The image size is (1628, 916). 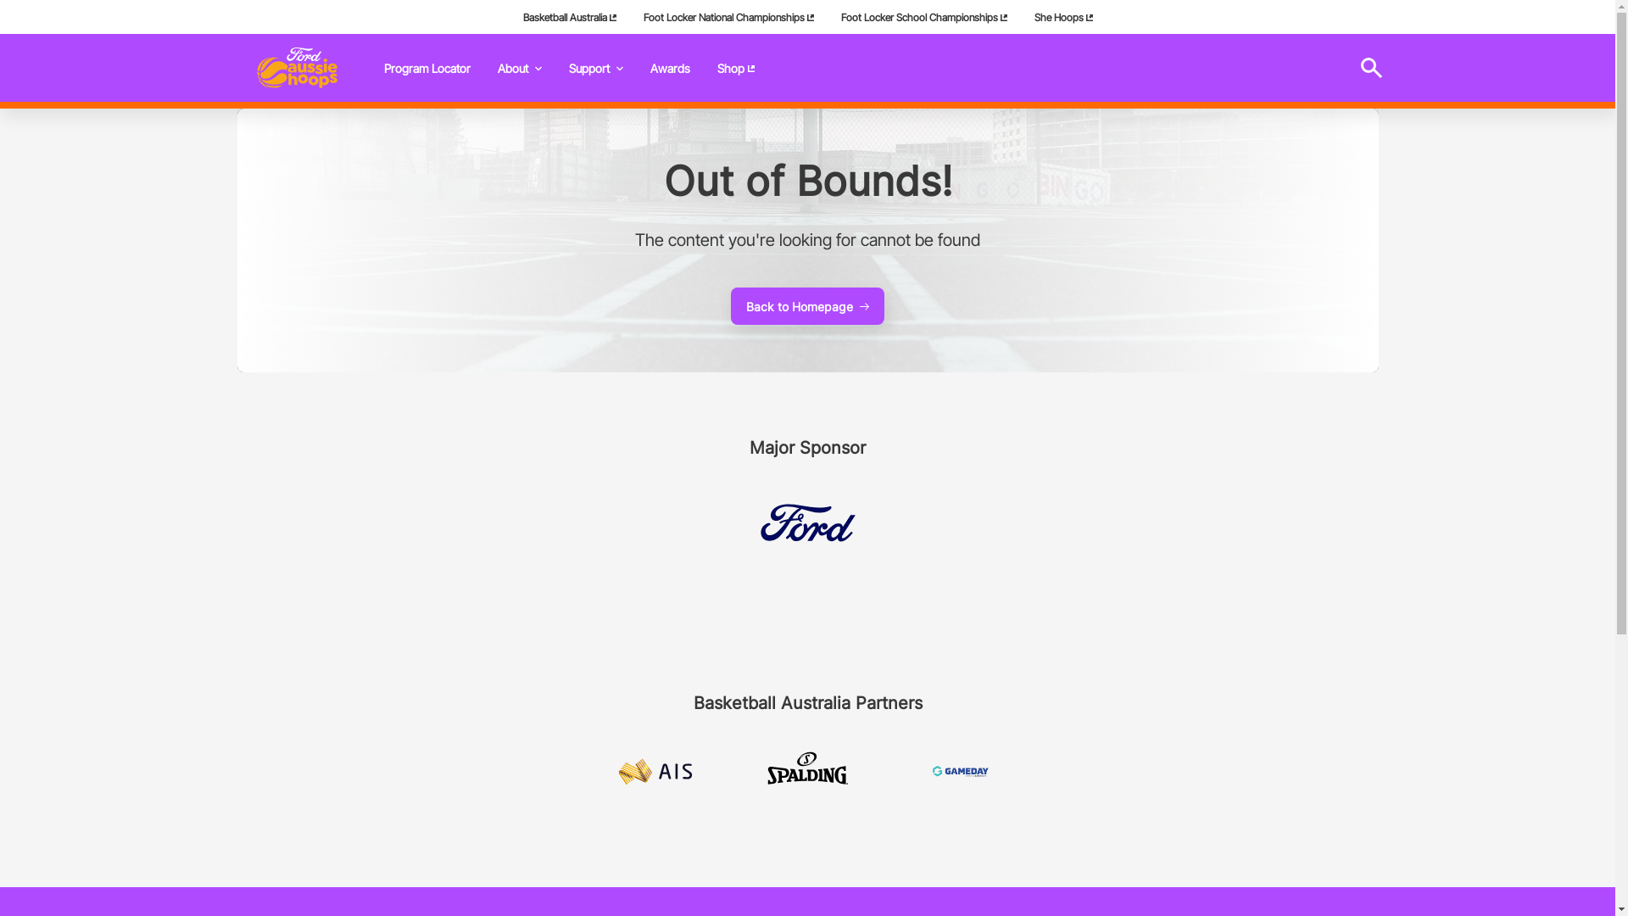 I want to click on 'Basketball Australia', so click(x=569, y=16).